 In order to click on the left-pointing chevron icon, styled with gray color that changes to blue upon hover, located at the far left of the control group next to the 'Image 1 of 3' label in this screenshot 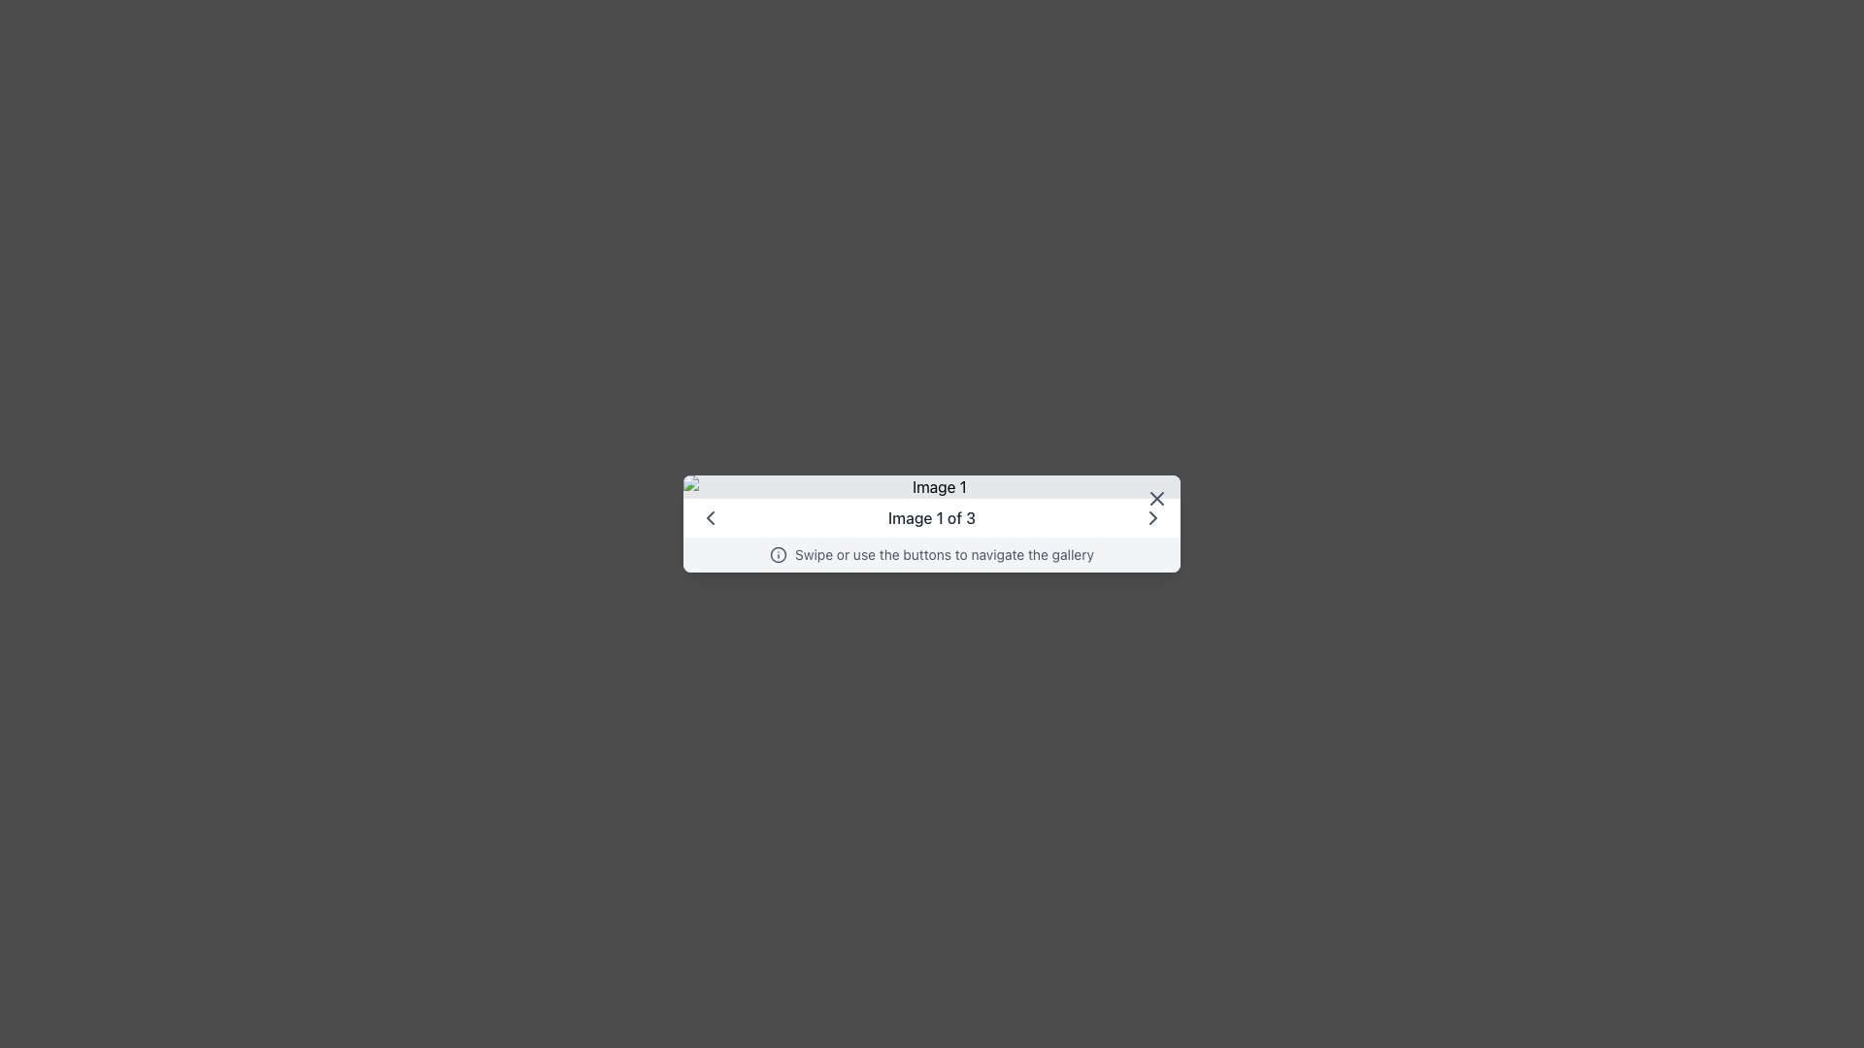, I will do `click(709, 516)`.